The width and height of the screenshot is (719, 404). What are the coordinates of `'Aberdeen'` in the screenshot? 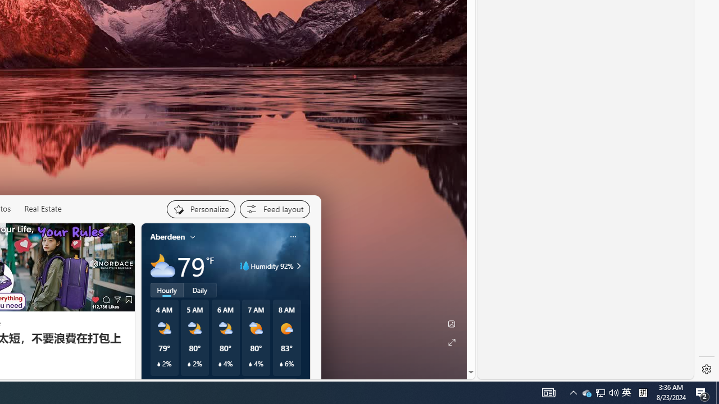 It's located at (167, 236).